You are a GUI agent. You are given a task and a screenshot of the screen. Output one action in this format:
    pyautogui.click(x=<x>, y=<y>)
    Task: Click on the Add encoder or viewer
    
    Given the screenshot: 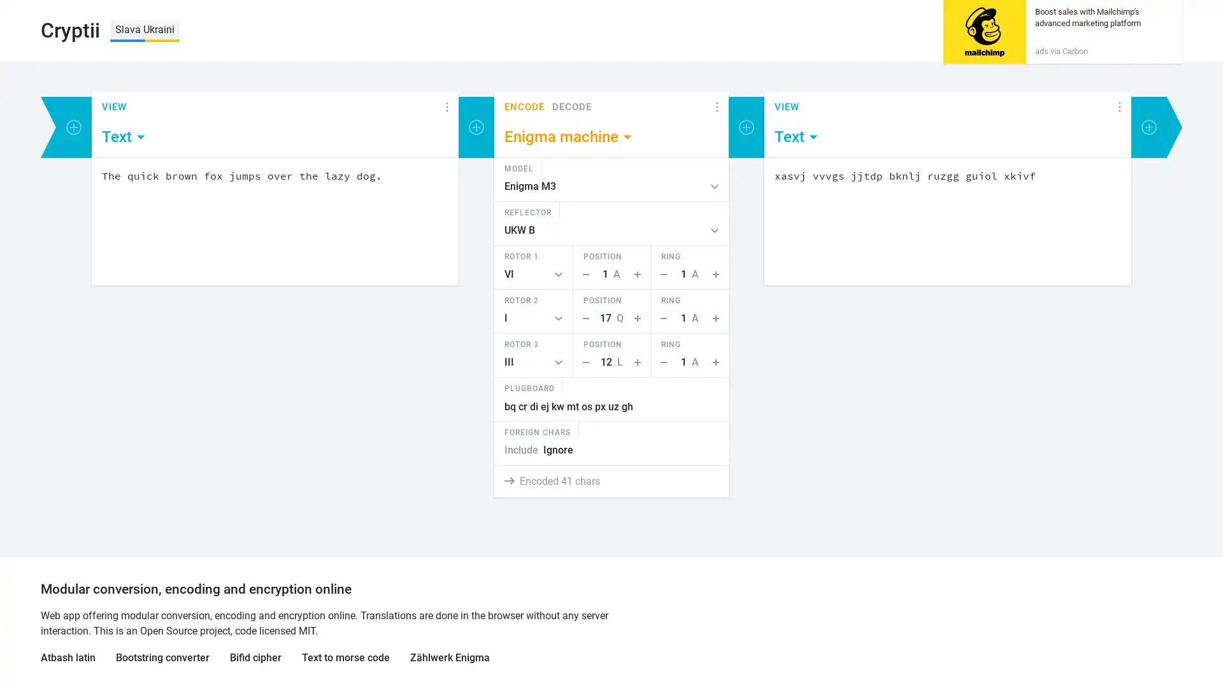 What is the action you would take?
    pyautogui.click(x=1149, y=127)
    